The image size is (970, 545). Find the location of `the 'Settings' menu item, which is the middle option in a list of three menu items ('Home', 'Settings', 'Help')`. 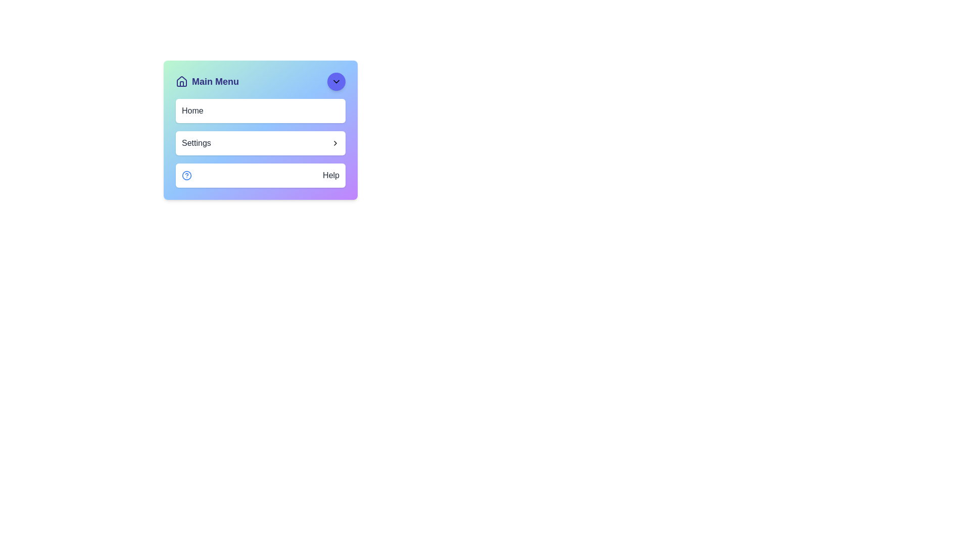

the 'Settings' menu item, which is the middle option in a list of three menu items ('Home', 'Settings', 'Help') is located at coordinates (260, 143).